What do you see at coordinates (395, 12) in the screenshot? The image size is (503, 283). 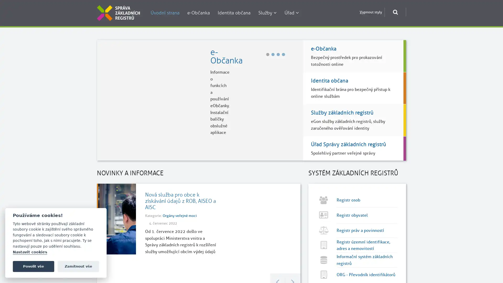 I see `Otevrit okno pro vyhledavani` at bounding box center [395, 12].